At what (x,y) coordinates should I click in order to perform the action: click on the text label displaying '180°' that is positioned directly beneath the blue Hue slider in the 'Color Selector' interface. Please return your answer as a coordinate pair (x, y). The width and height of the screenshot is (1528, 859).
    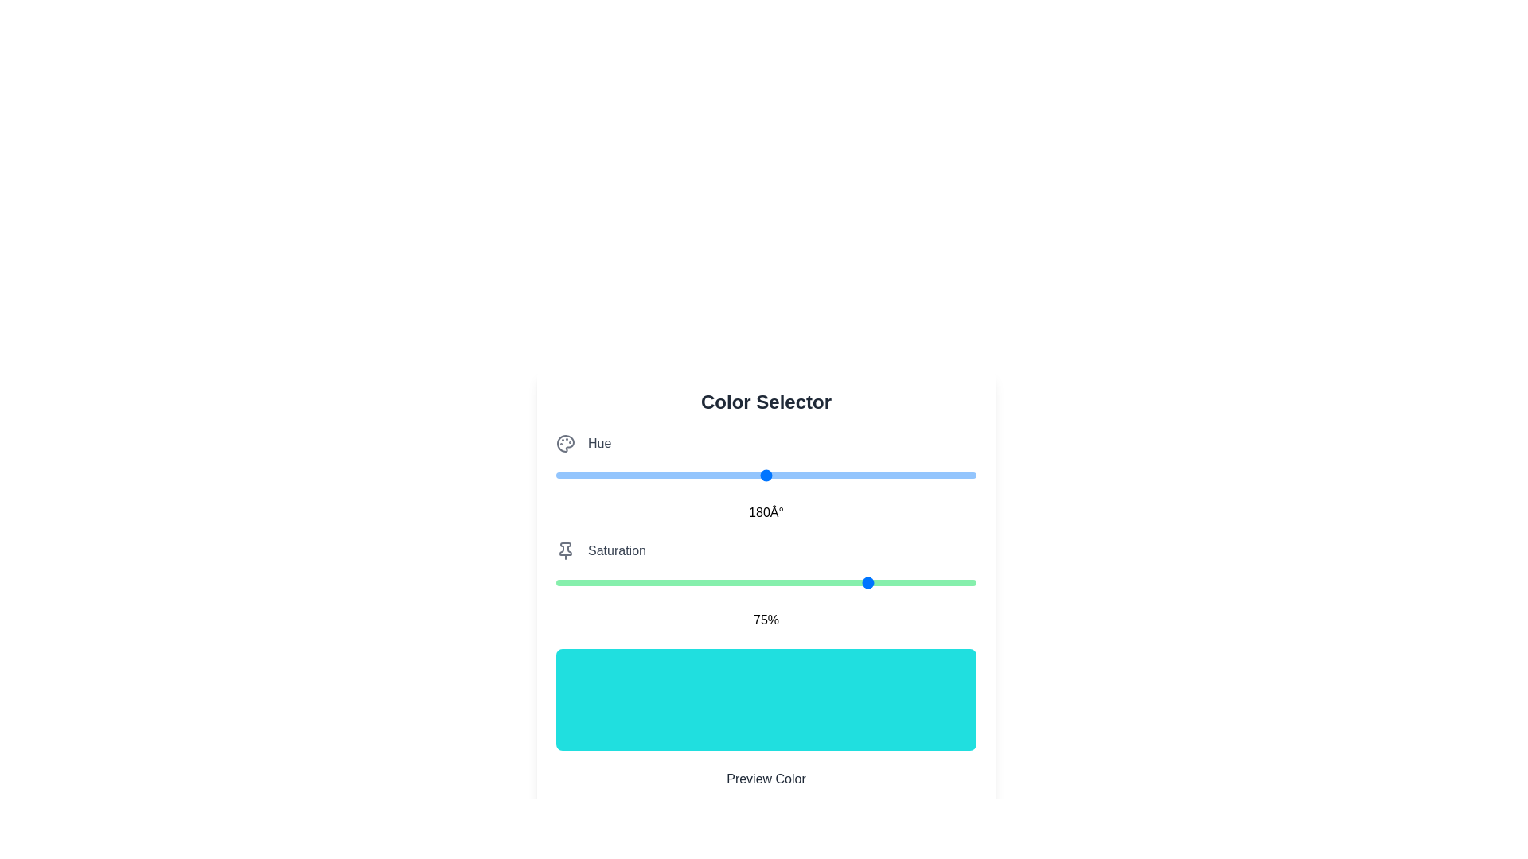
    Looking at the image, I should click on (766, 512).